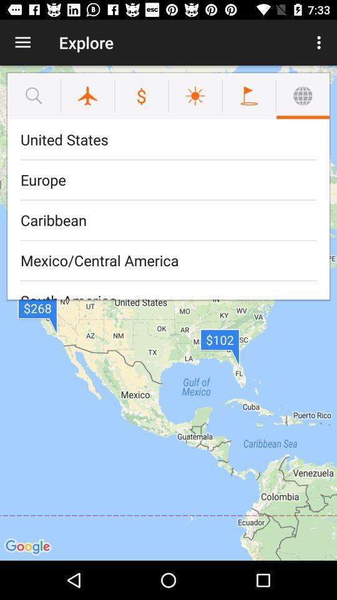 The height and width of the screenshot is (600, 337). I want to click on caribbean icon, so click(168, 220).